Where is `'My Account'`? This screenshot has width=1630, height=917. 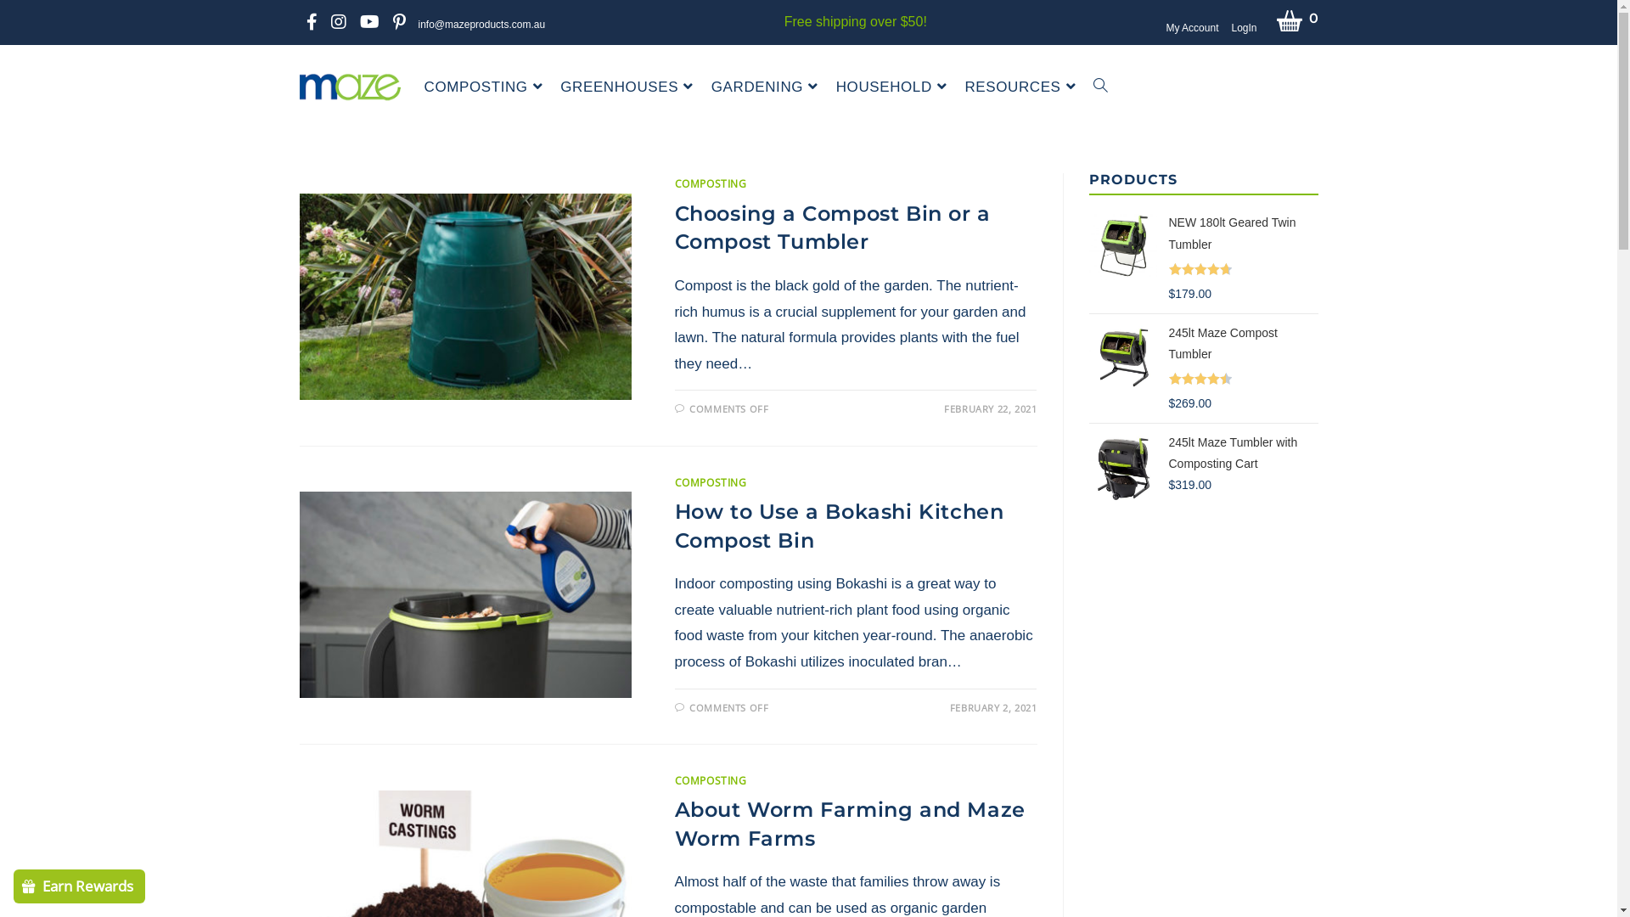
'My Account' is located at coordinates (1190, 29).